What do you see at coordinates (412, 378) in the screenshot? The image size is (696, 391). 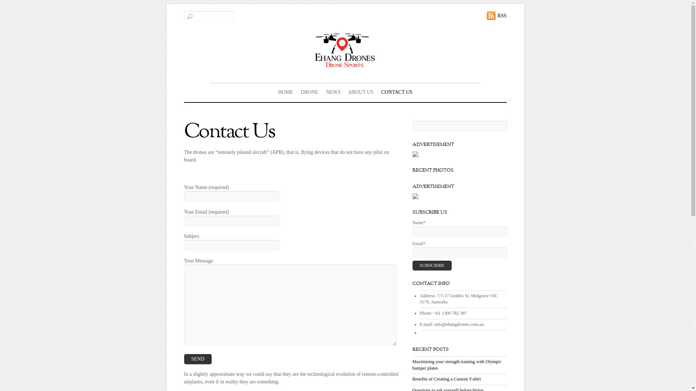 I see `'Benefits of Creating a Custom T-shirt'` at bounding box center [412, 378].